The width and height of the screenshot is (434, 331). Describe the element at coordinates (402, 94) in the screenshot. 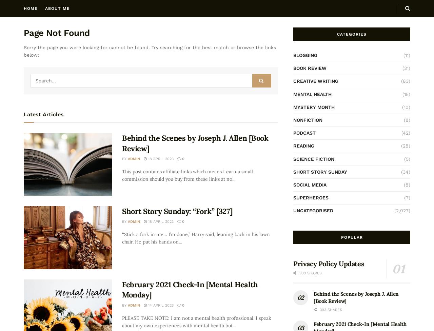

I see `'(15)'` at that location.